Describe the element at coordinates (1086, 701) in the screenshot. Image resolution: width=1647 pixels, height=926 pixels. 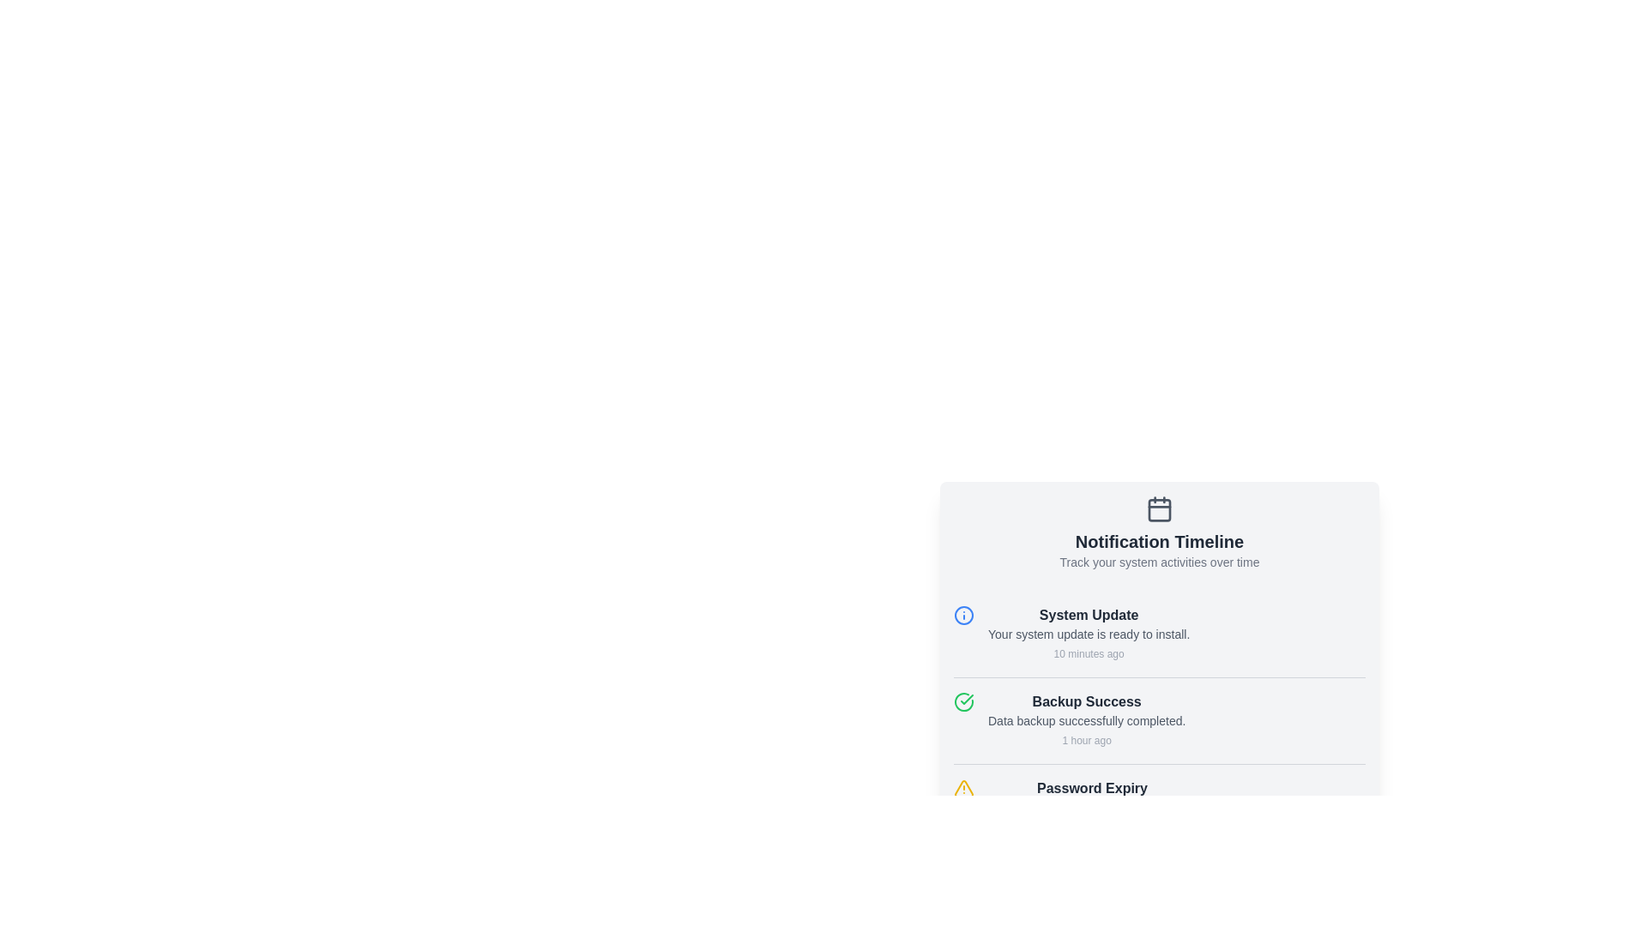
I see `the static text element that serves as the title or header for the second notification entry in the notification list` at that location.